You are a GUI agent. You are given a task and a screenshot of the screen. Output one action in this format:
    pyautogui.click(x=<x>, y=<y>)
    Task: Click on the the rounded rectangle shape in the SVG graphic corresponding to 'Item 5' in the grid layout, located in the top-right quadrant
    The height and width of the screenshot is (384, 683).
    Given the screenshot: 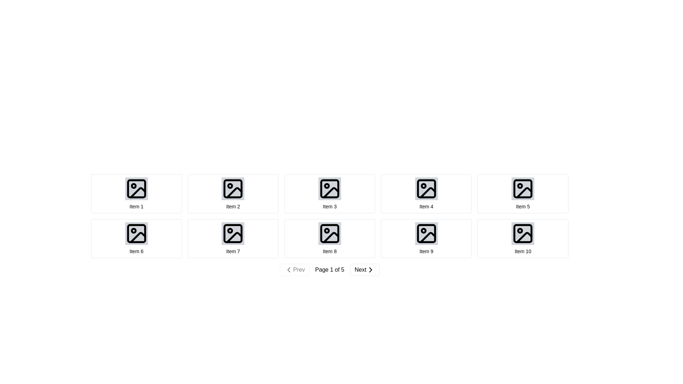 What is the action you would take?
    pyautogui.click(x=523, y=188)
    